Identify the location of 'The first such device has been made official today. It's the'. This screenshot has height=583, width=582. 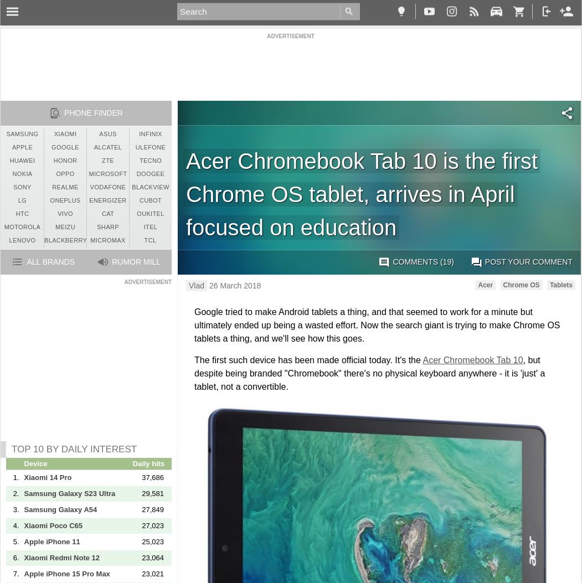
(308, 359).